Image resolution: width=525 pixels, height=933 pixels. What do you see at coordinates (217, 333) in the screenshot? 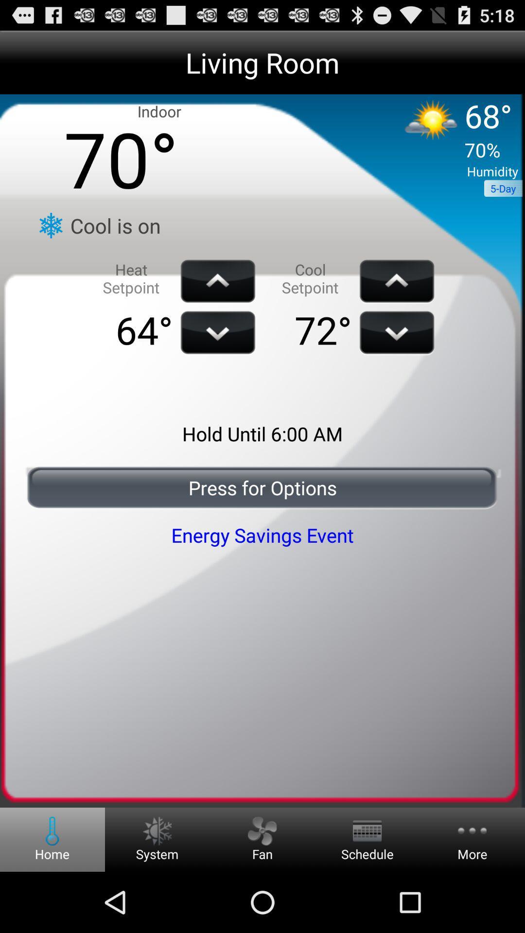
I see `the down scroll which is right of 64 degree` at bounding box center [217, 333].